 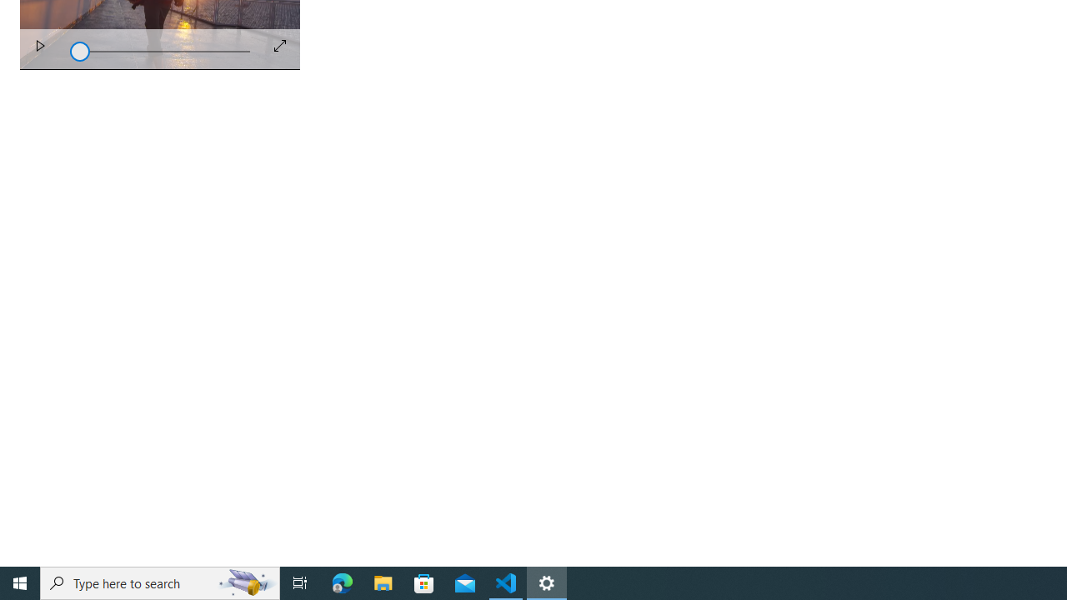 What do you see at coordinates (547, 582) in the screenshot?
I see `'Settings - 1 running window'` at bounding box center [547, 582].